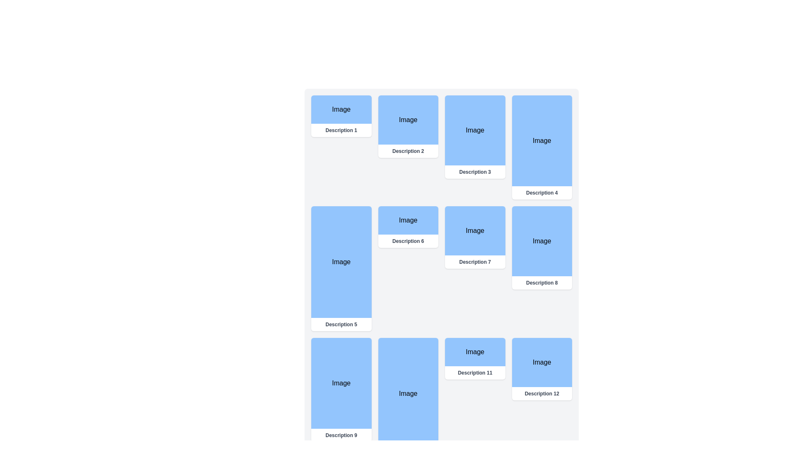  Describe the element at coordinates (542, 140) in the screenshot. I see `the button-like element with a blue background and the text 'Image' centered in black, located in the card structure above the label 'Description 4'` at that location.